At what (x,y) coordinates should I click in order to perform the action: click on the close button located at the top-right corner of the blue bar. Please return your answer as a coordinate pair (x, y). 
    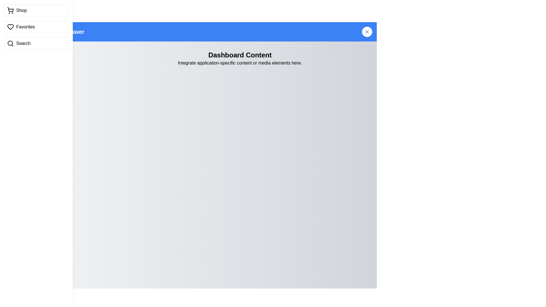
    Looking at the image, I should click on (367, 32).